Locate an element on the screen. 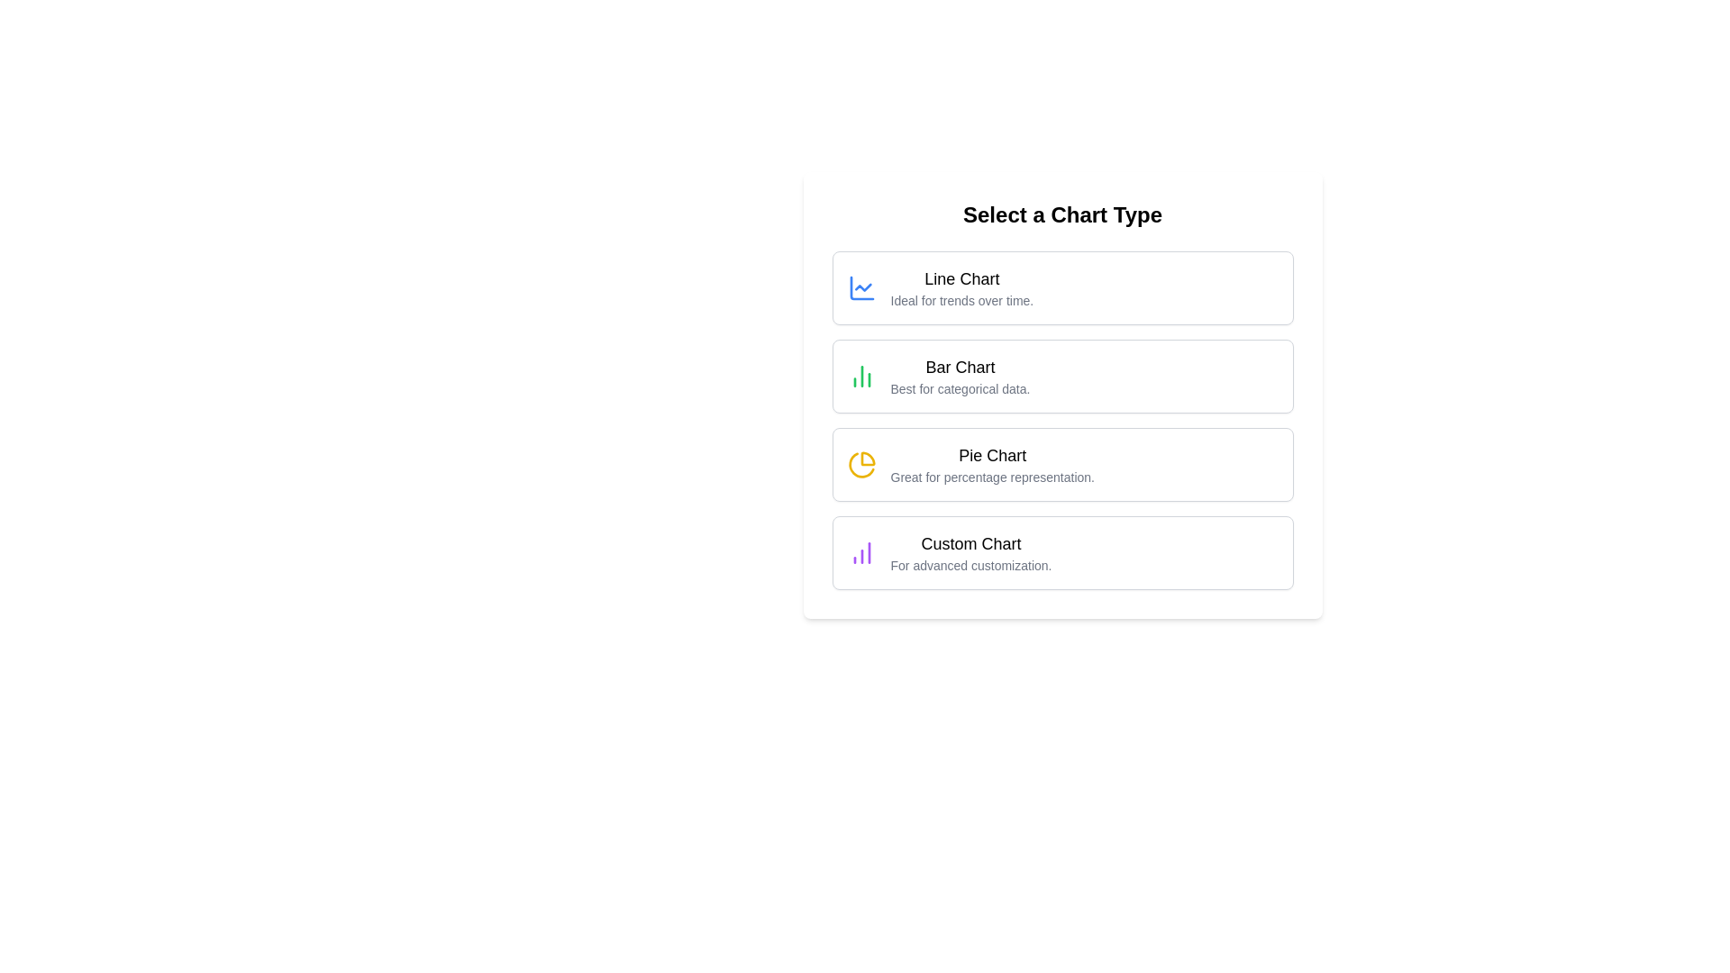 This screenshot has height=973, width=1730. the pie chart selection icon located within the third option card under 'Select a Chart Type' is located at coordinates (860, 464).